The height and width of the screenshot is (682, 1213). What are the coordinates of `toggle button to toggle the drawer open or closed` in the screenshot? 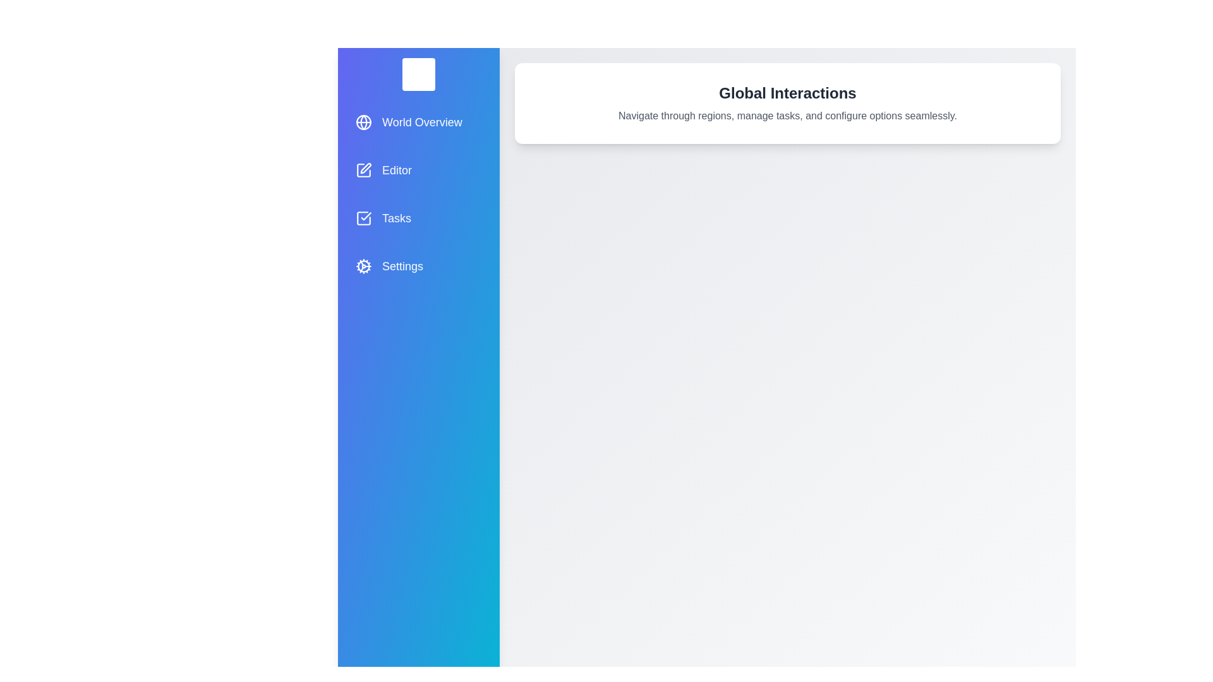 It's located at (418, 75).